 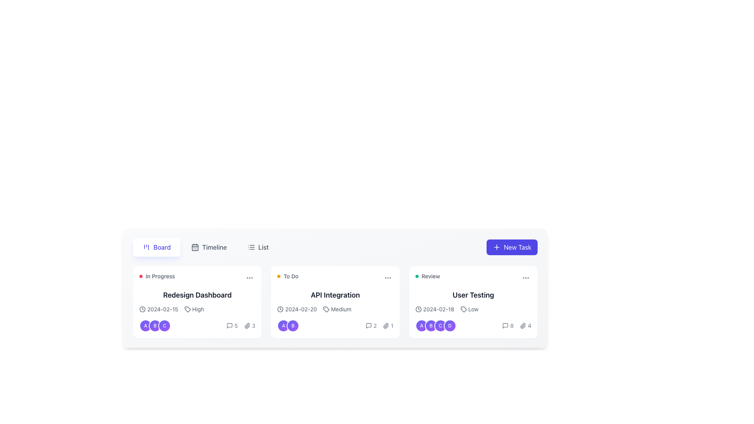 I want to click on the text label displaying '2024-02-15' located in the bottom-left section of the 'Redesign Dashboard' card, adjacent to the clock icon, so click(x=162, y=309).